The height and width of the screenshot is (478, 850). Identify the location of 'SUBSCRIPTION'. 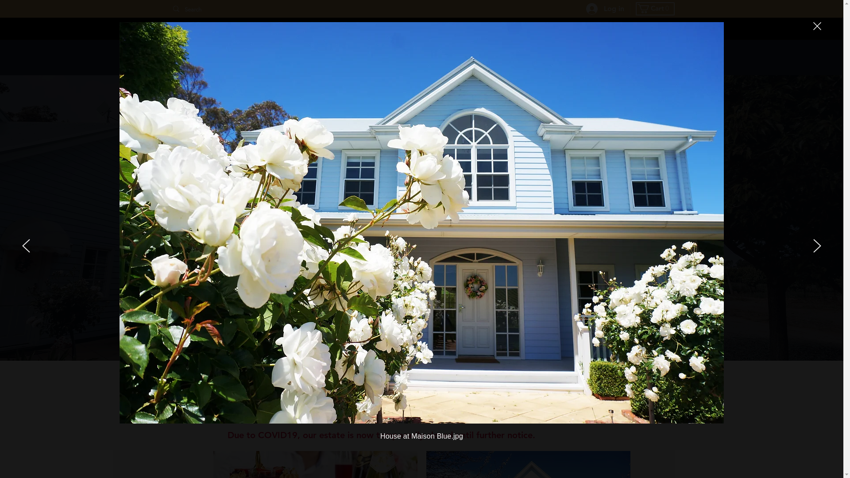
(499, 58).